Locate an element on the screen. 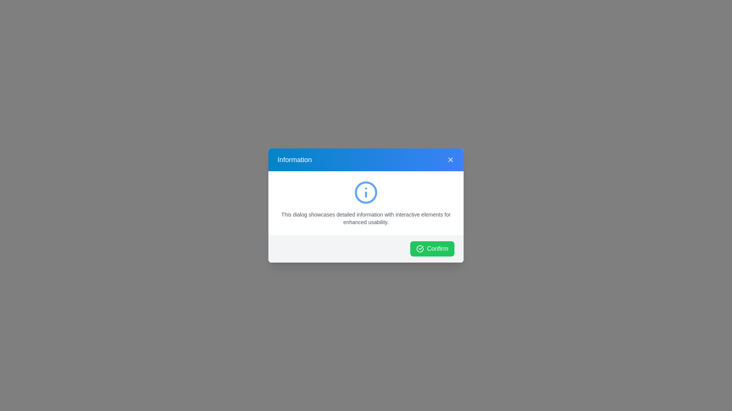 Image resolution: width=732 pixels, height=411 pixels. the static text label that displays descriptive information in the modal dialog, positioned below the information icon and above the Confirm button is located at coordinates (366, 218).